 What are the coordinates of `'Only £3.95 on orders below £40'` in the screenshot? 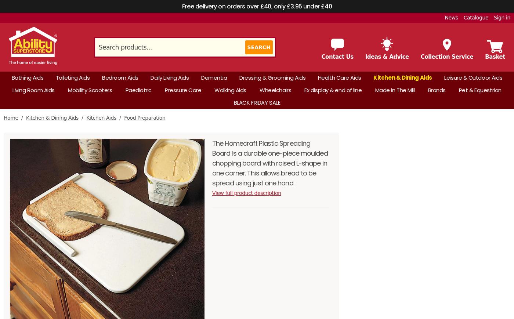 It's located at (361, 176).